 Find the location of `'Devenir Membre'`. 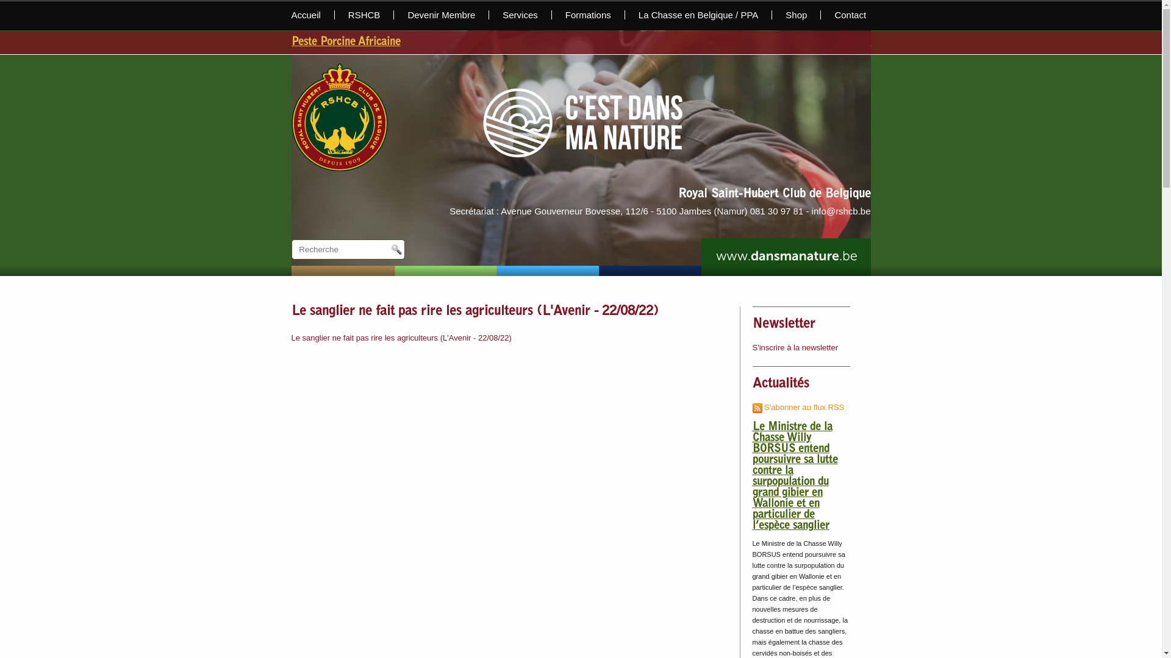

'Devenir Membre' is located at coordinates (394, 15).